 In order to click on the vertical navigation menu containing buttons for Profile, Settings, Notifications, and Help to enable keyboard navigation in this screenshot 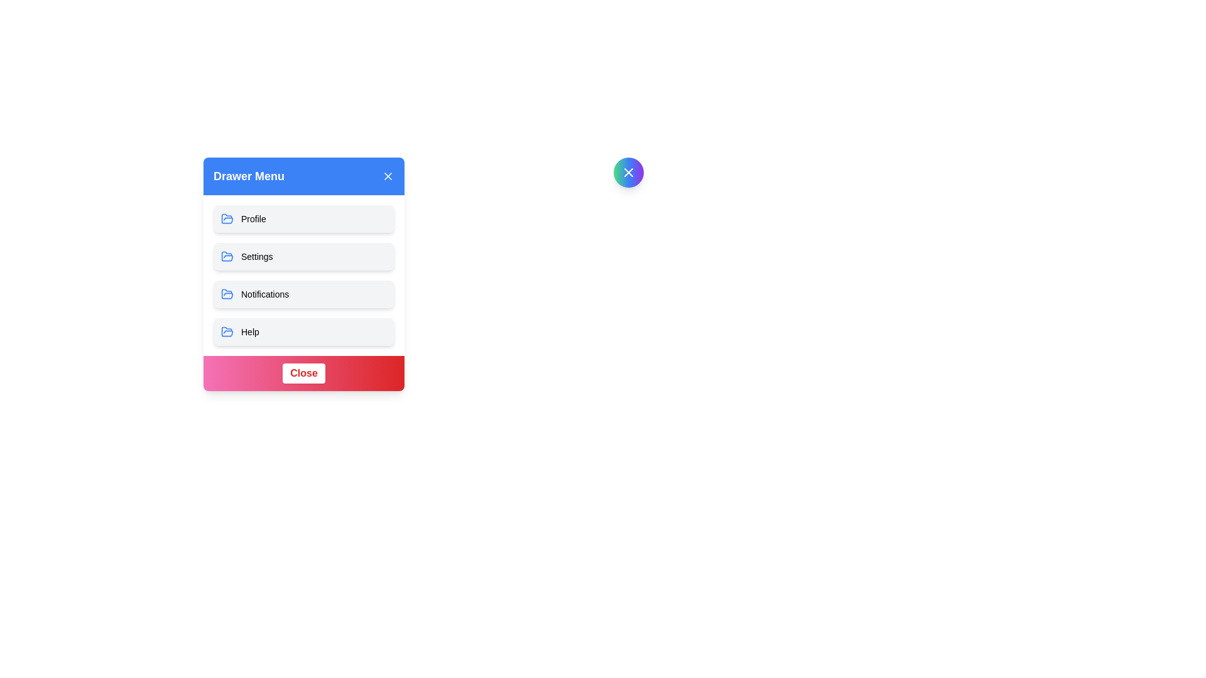, I will do `click(304, 275)`.